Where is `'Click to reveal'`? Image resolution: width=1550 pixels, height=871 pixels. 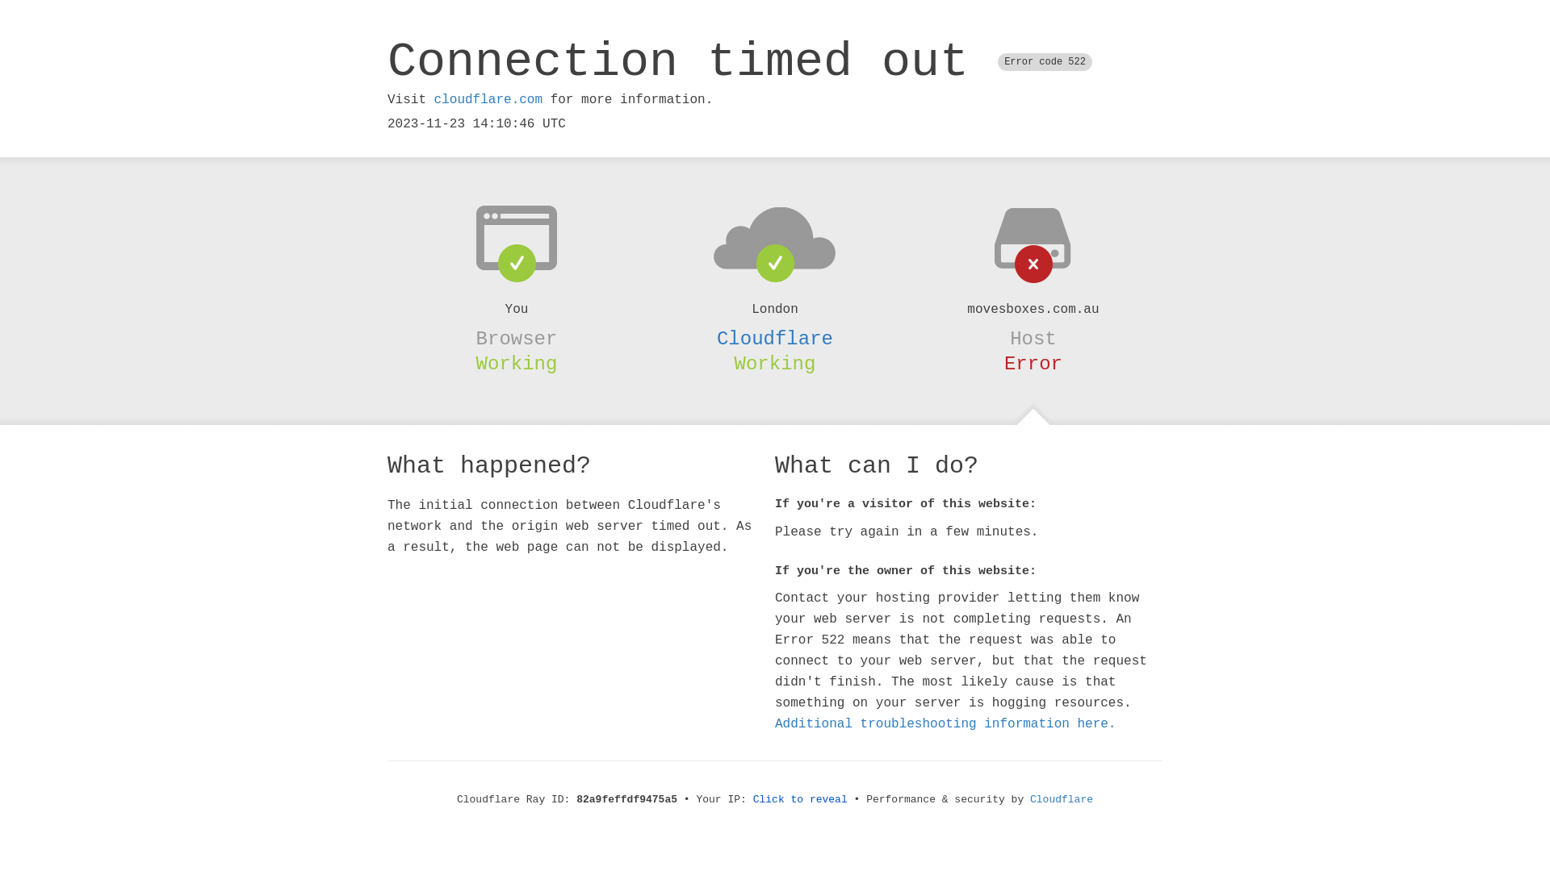
'Click to reveal' is located at coordinates (800, 799).